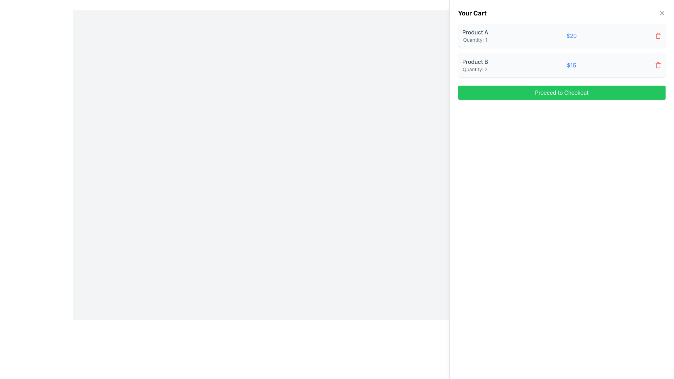 This screenshot has height=379, width=674. Describe the element at coordinates (658, 35) in the screenshot. I see `the red trash can icon button located at the far right of the product entry bar for 'Product A'` at that location.